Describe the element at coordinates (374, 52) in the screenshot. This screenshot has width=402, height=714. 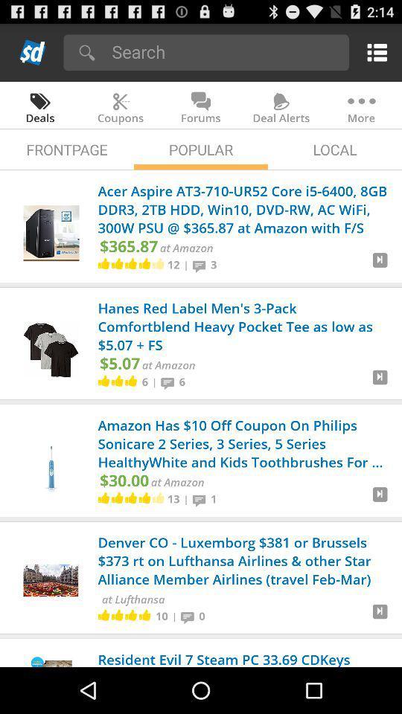
I see `drop down menu` at that location.